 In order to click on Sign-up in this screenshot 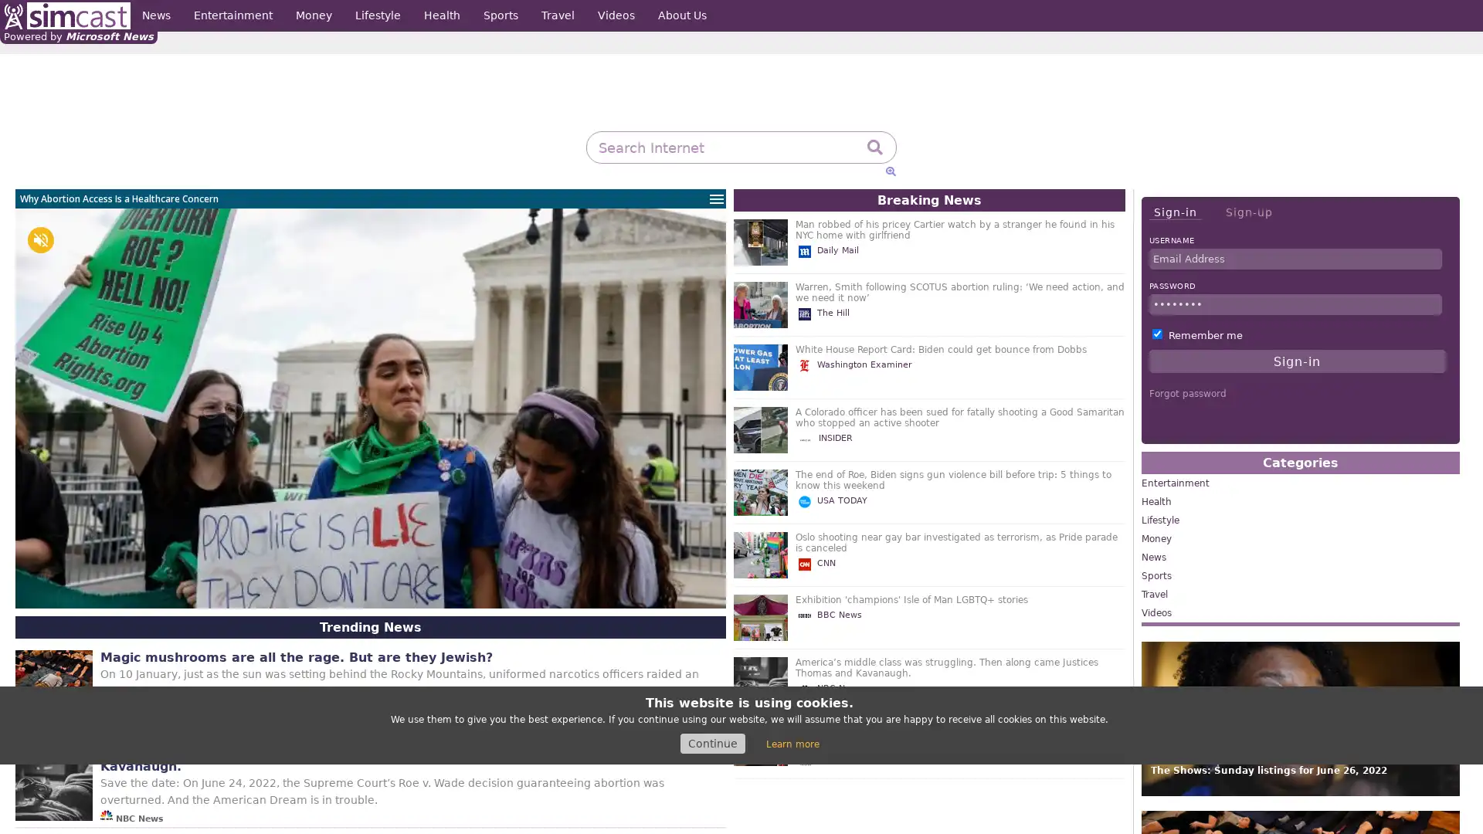, I will do `click(1248, 212)`.